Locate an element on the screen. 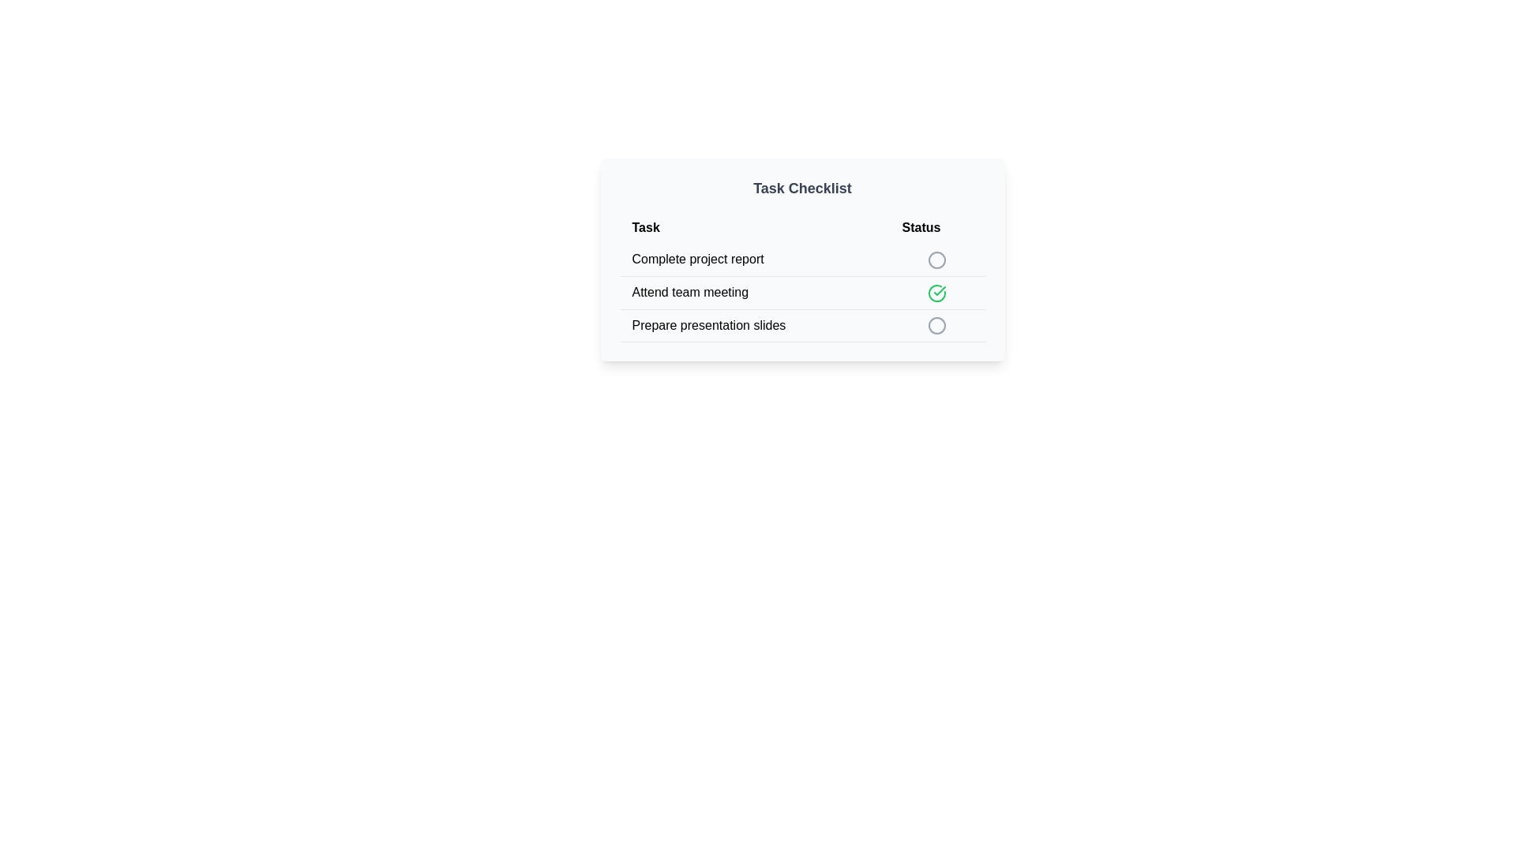 This screenshot has width=1516, height=852. the visual status indicator icon in the 'Status' column of the checklist interface, corresponding to the 'Complete project report' task is located at coordinates (937, 259).